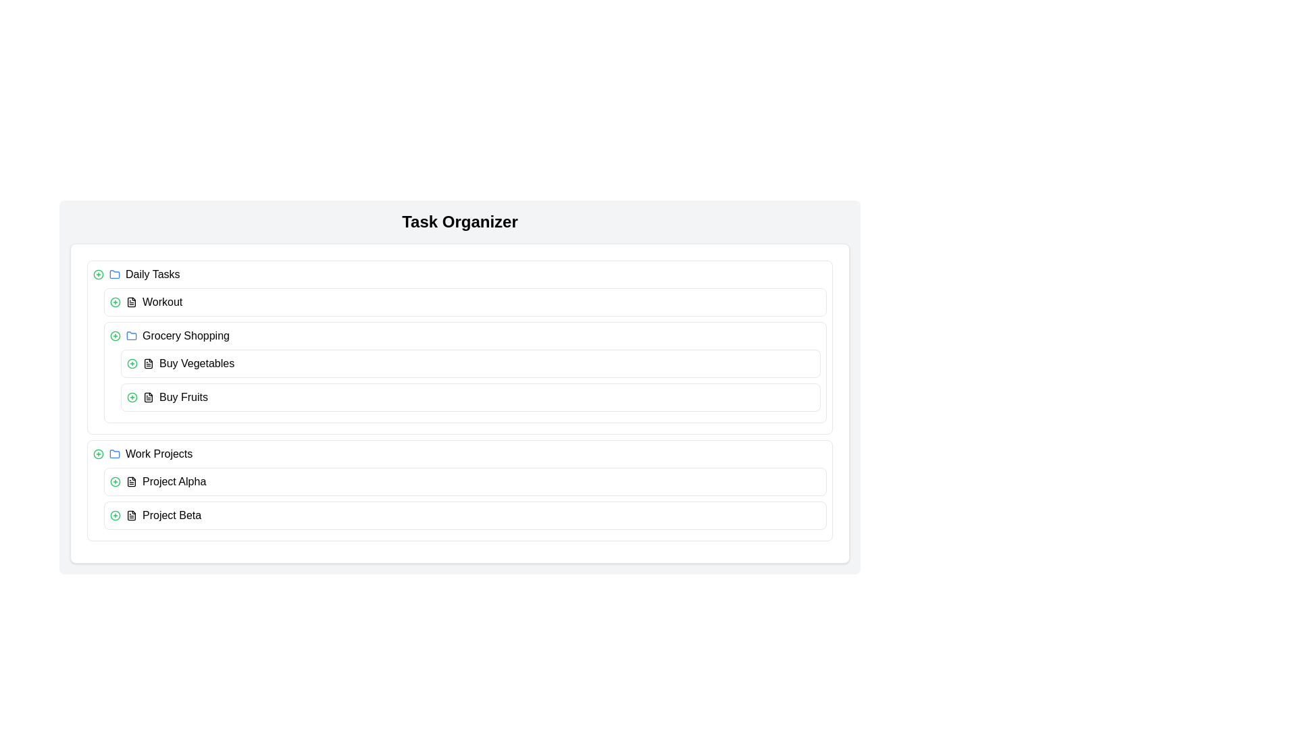 The height and width of the screenshot is (729, 1297). What do you see at coordinates (132, 481) in the screenshot?
I see `the icon representing file or textual content related to the 'Project Alpha' entry in the 'Work Projects' section` at bounding box center [132, 481].